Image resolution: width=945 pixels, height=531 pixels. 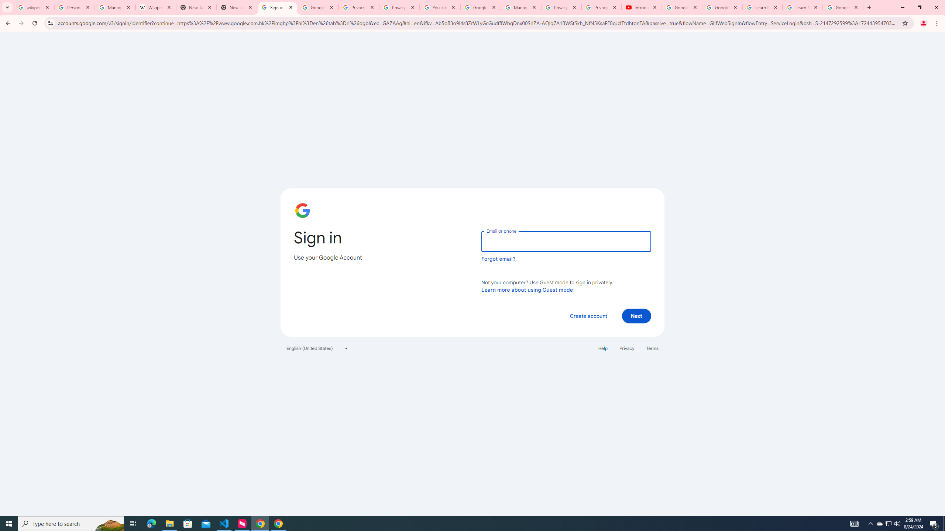 What do you see at coordinates (842, 7) in the screenshot?
I see `'Google Account'` at bounding box center [842, 7].